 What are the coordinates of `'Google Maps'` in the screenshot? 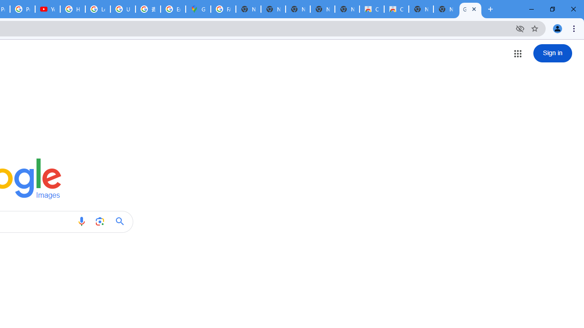 It's located at (198, 9).